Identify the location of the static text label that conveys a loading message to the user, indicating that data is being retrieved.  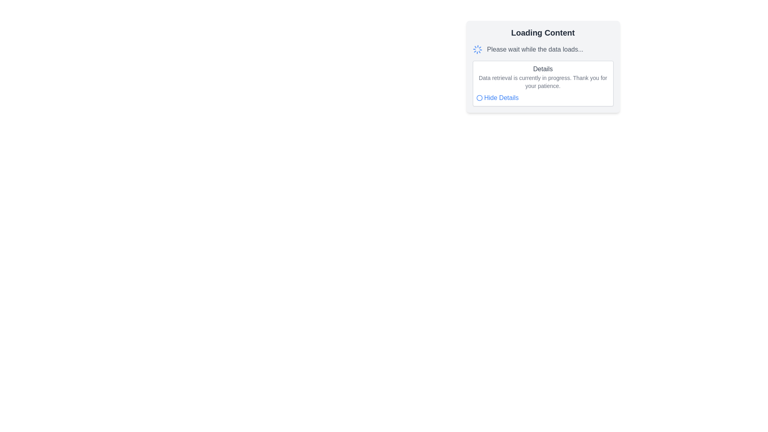
(535, 49).